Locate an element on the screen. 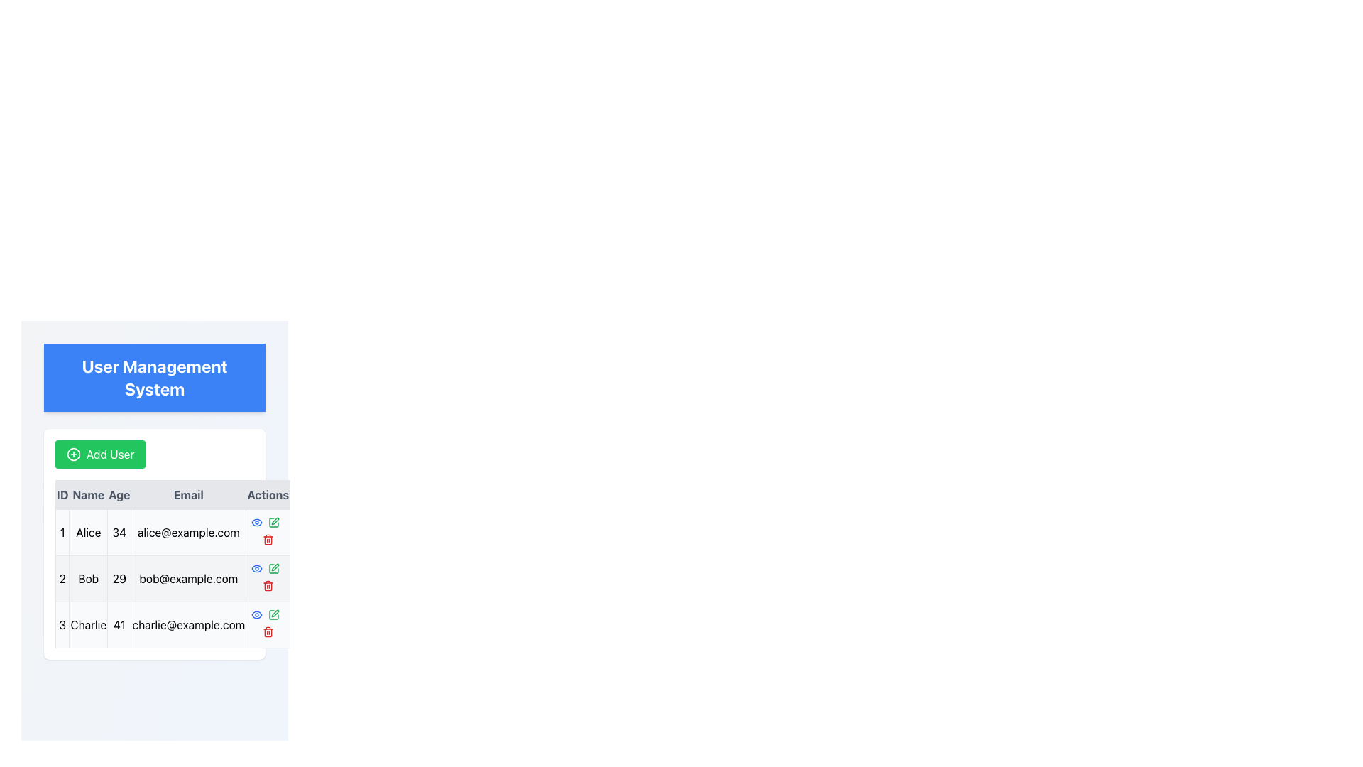 The image size is (1363, 767). the pen icon in the Actions column for the user named 'Charlie', which suggests editing functionality is located at coordinates (275, 613).